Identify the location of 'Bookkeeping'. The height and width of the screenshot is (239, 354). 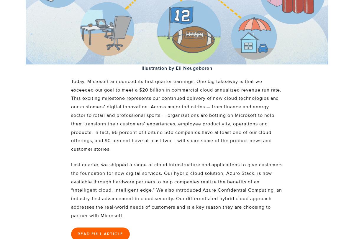
(142, 6).